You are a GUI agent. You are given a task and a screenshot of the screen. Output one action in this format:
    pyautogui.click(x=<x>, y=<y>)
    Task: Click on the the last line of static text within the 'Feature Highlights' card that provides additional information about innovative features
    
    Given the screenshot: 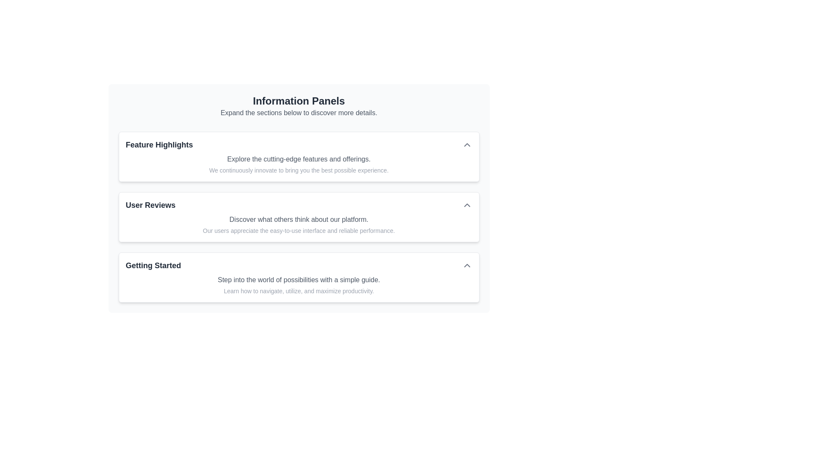 What is the action you would take?
    pyautogui.click(x=299, y=170)
    